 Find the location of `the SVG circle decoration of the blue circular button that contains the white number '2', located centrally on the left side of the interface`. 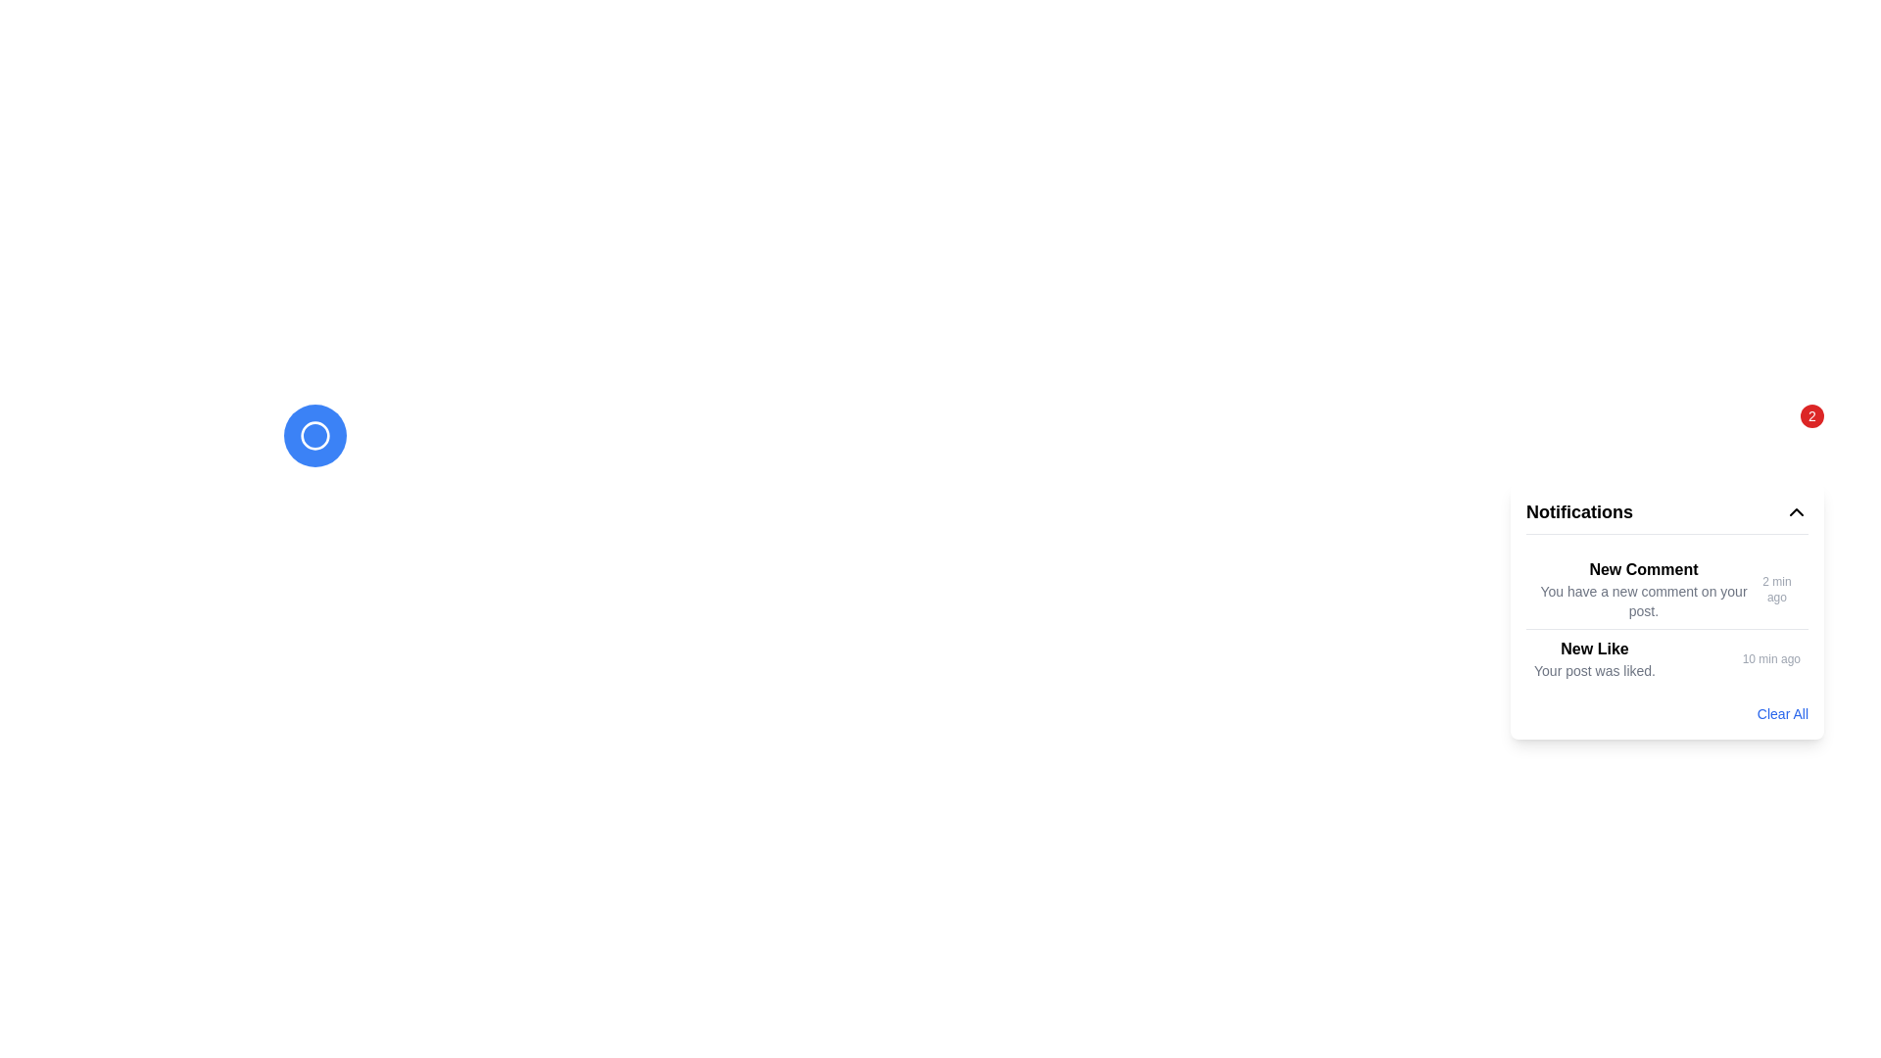

the SVG circle decoration of the blue circular button that contains the white number '2', located centrally on the left side of the interface is located at coordinates (314, 434).